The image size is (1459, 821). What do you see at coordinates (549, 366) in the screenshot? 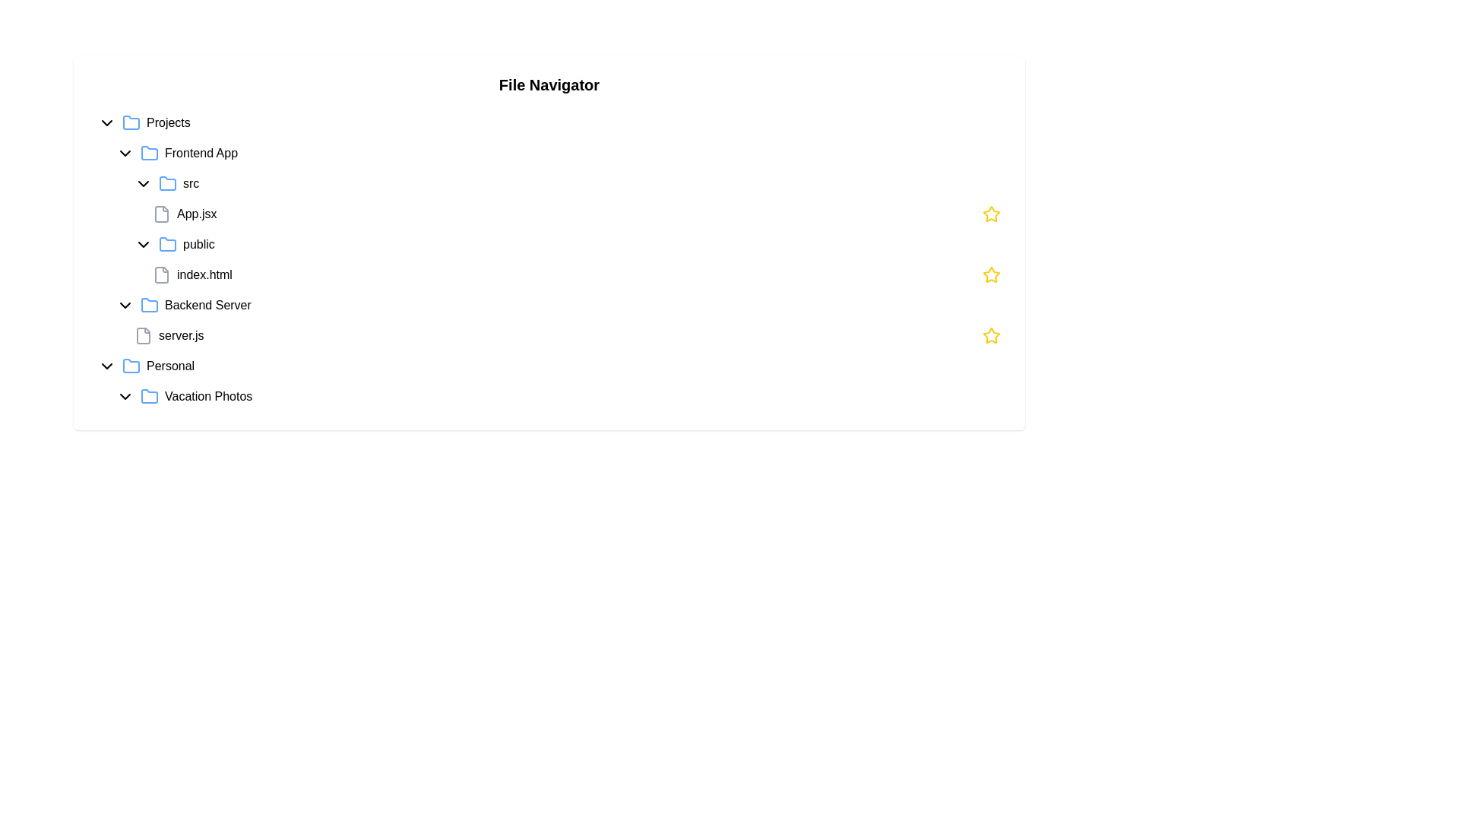
I see `the navigational list item for the 'Personal' folder` at bounding box center [549, 366].